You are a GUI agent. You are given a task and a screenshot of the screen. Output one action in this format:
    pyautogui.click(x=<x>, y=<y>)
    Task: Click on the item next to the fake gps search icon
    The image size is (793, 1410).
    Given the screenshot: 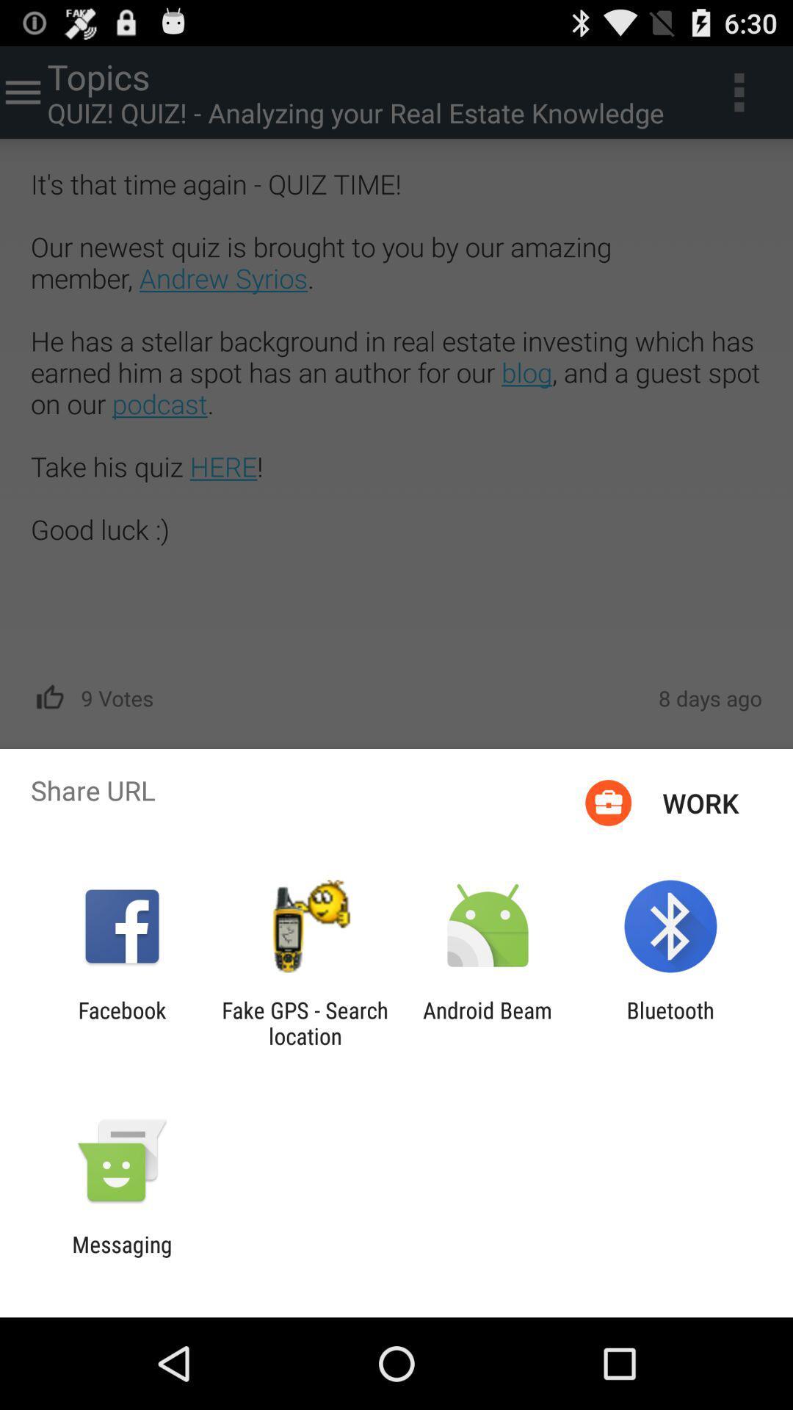 What is the action you would take?
    pyautogui.click(x=488, y=1022)
    